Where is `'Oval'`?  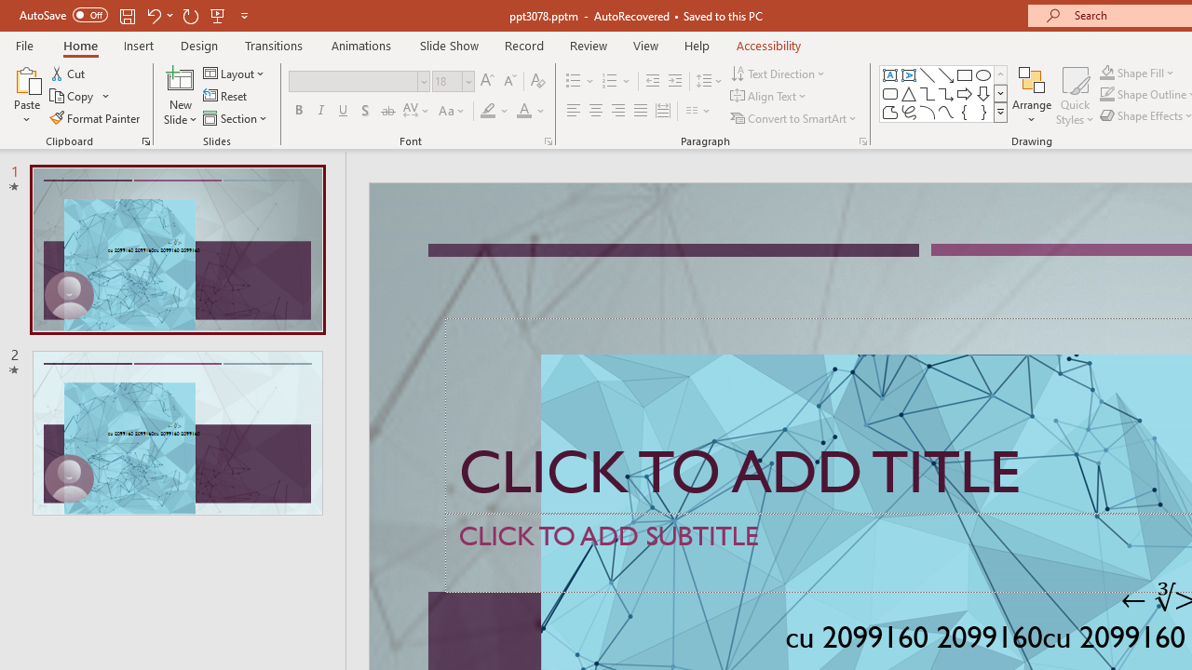 'Oval' is located at coordinates (982, 74).